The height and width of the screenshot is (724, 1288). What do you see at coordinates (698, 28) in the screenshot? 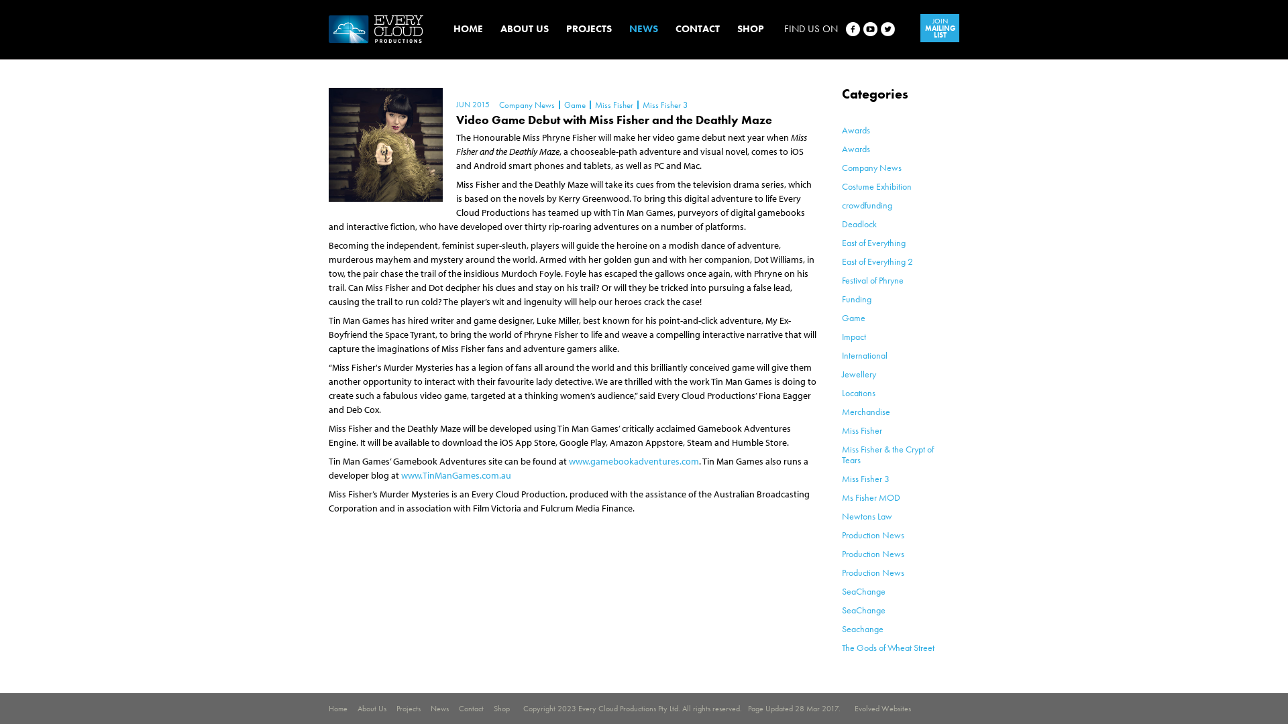
I see `'CONTACT'` at bounding box center [698, 28].